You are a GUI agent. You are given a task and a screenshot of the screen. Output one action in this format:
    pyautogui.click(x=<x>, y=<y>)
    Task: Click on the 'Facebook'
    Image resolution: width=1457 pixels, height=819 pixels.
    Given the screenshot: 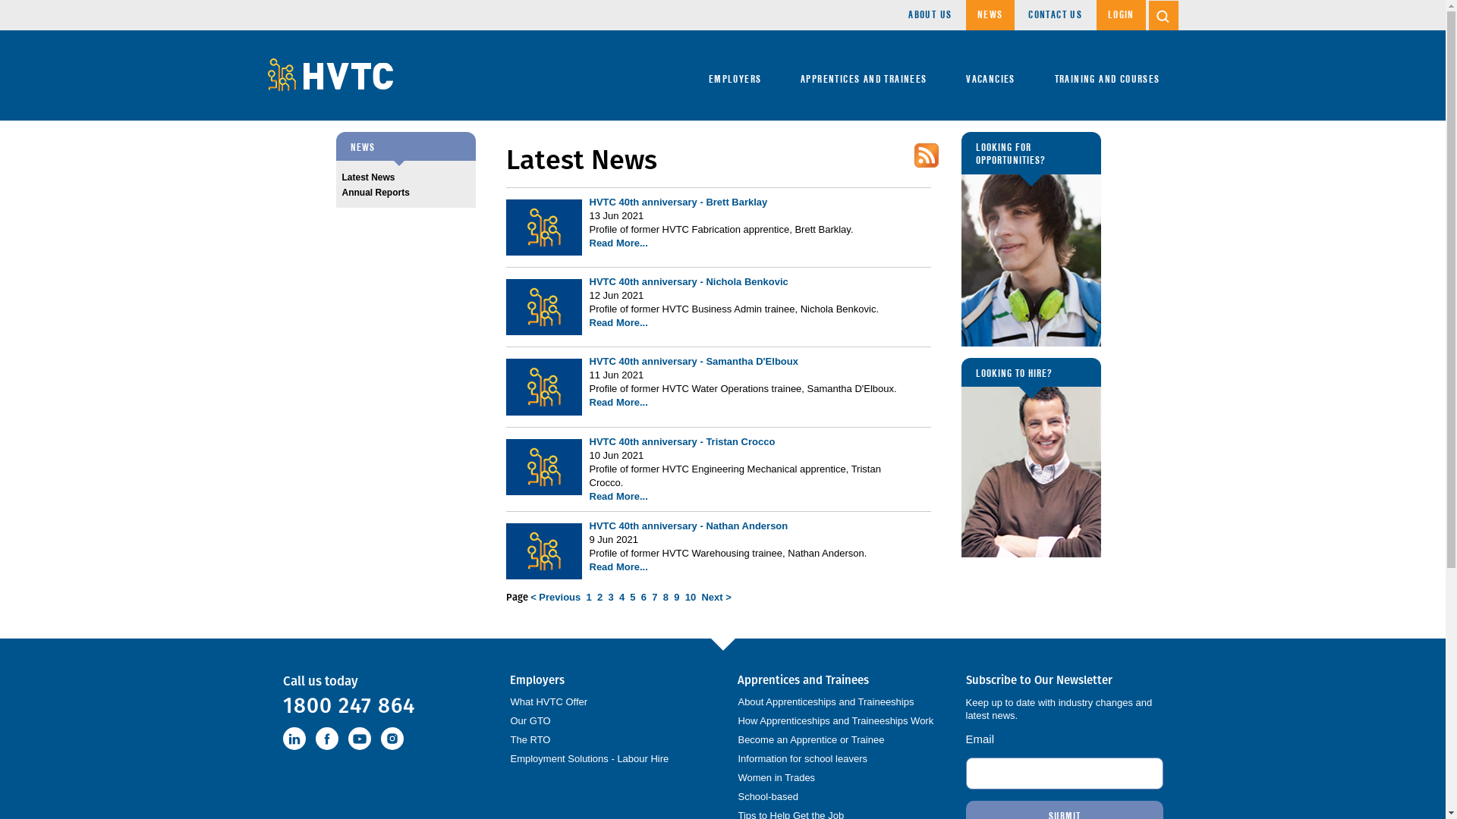 What is the action you would take?
    pyautogui.click(x=326, y=738)
    